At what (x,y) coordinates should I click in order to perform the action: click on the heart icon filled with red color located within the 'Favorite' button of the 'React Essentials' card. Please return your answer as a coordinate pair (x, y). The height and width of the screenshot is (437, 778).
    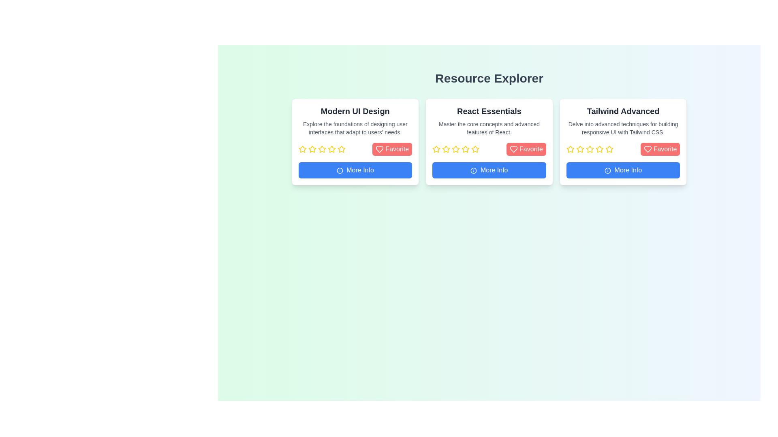
    Looking at the image, I should click on (513, 149).